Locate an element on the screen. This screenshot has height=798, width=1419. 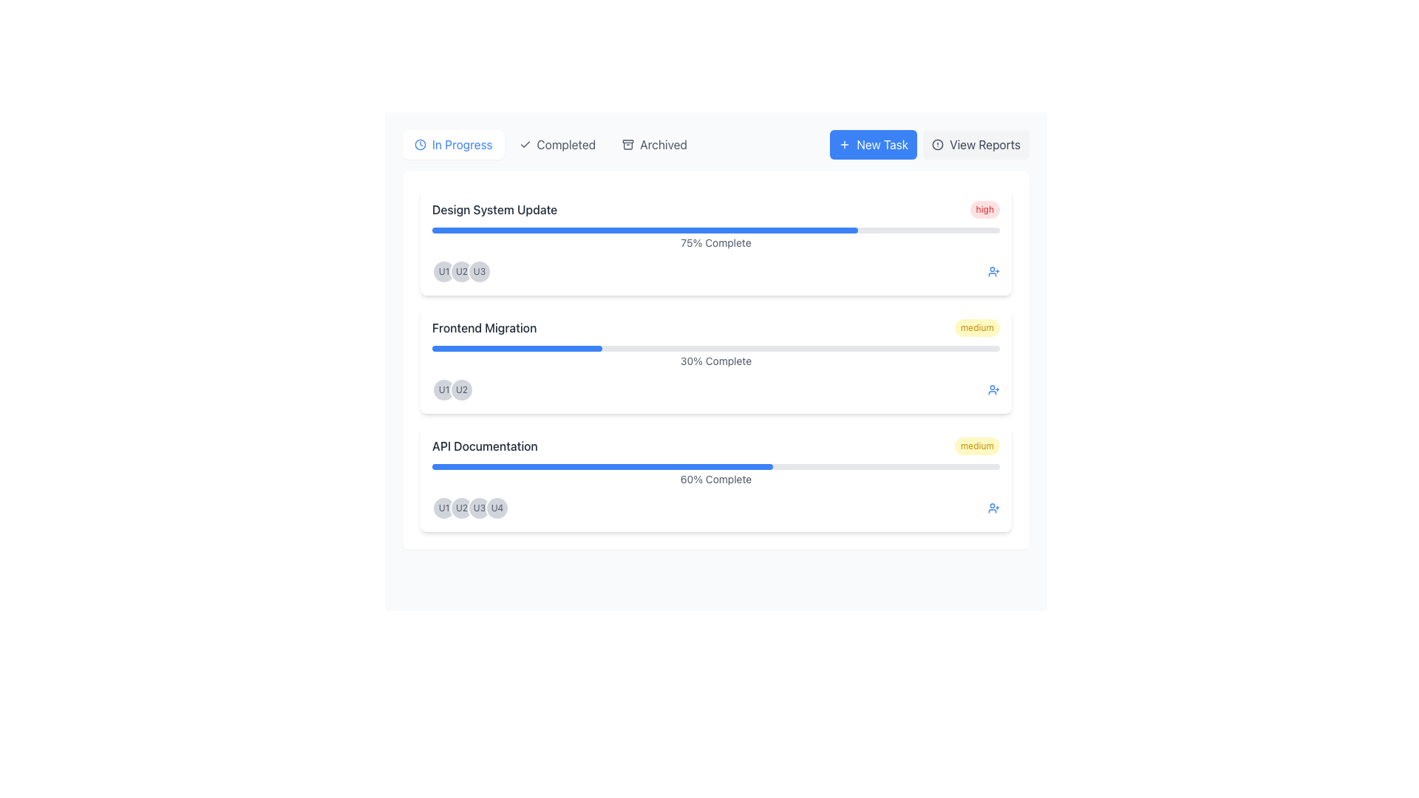
the text label 'U2' within its circular badge, which is styled with a muted gray color and is the second in a series of badges labeled 'U1', 'U2', etc is located at coordinates (460, 389).